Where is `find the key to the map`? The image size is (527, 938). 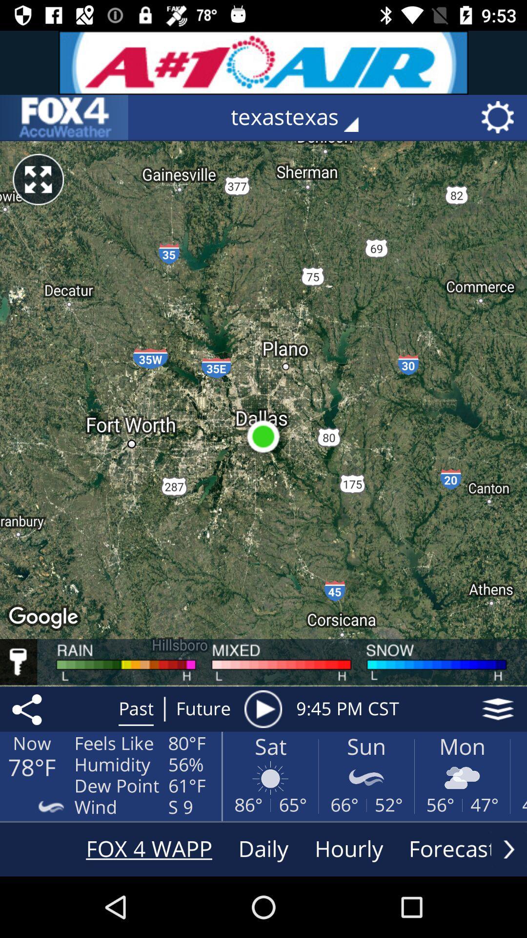
find the key to the map is located at coordinates (19, 662).